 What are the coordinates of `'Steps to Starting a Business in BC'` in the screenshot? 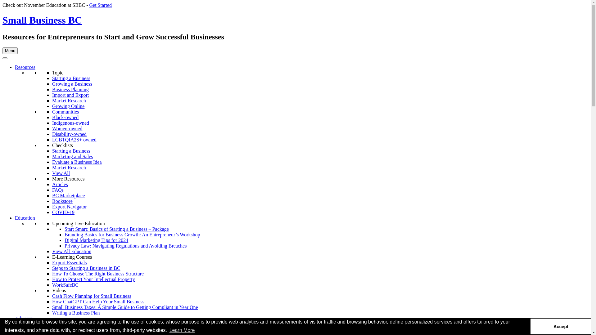 It's located at (86, 268).